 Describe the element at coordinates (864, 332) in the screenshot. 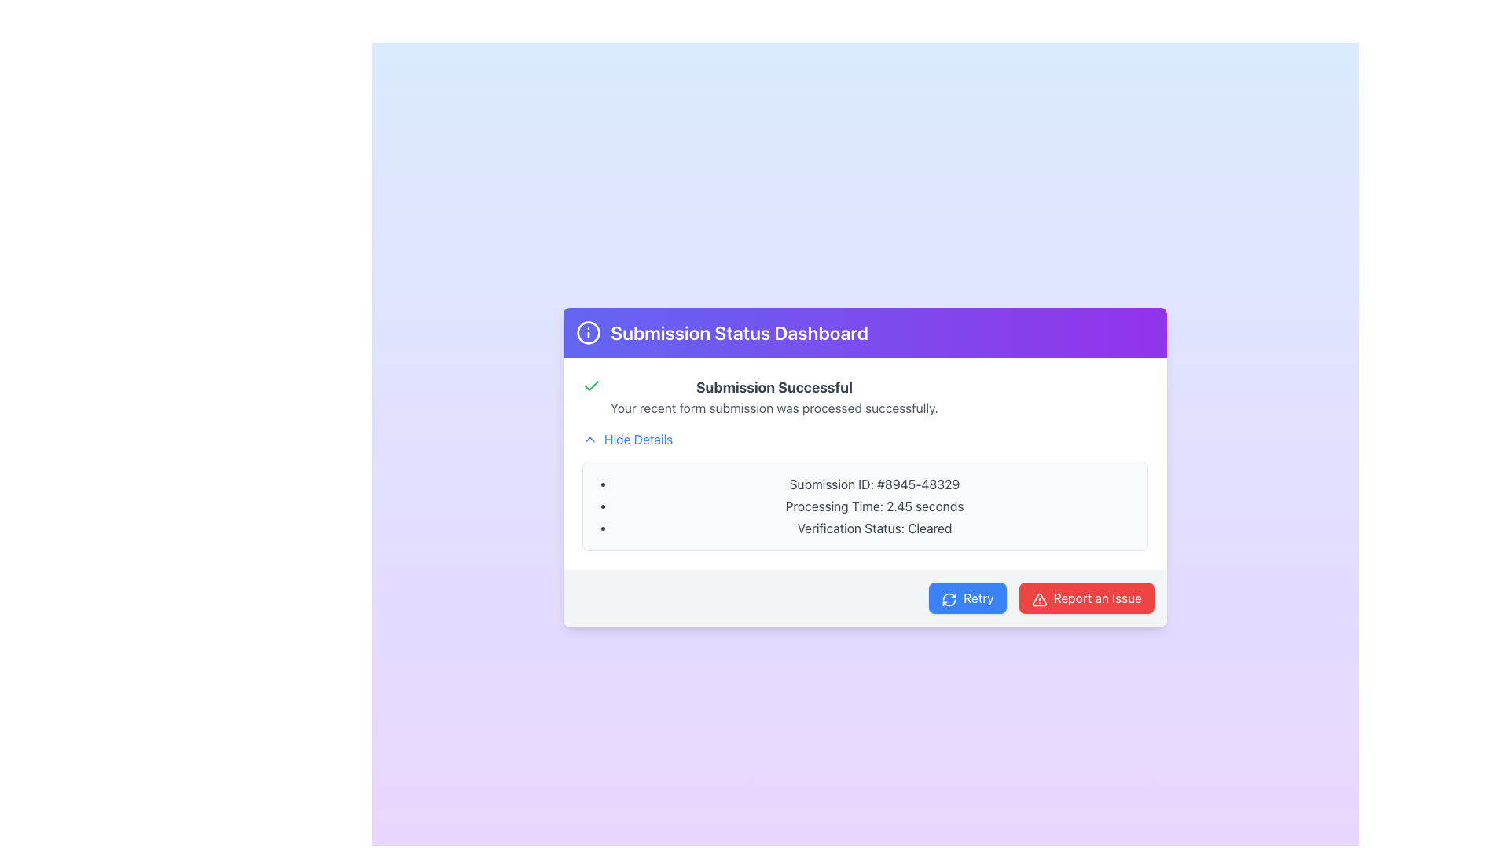

I see `the Header Bar which features a gradient background from indigo to purple and includes the text label 'Submission Status Dashboard' in white` at that location.